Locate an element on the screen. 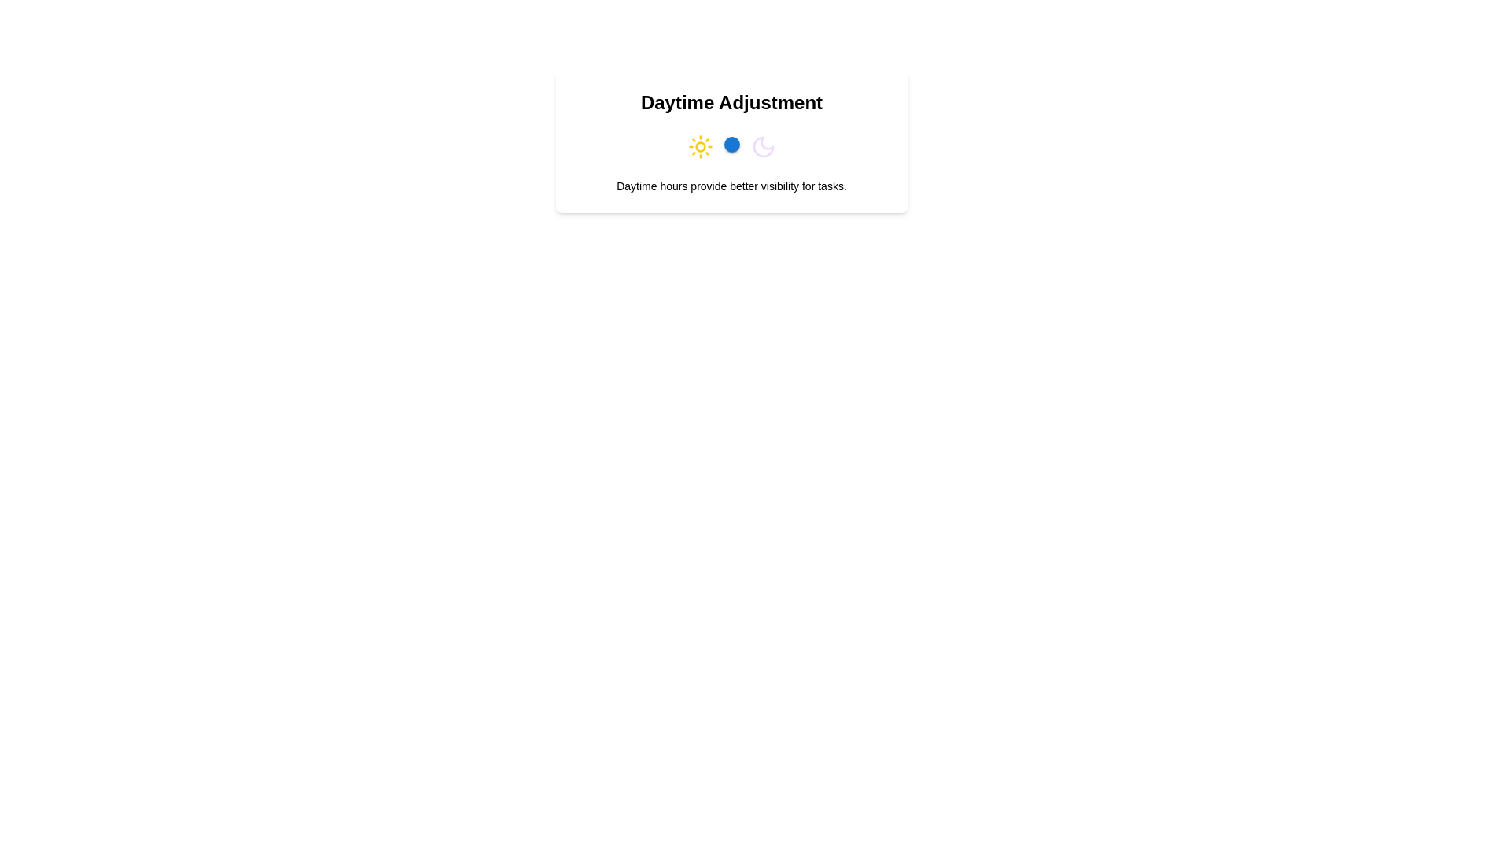 The image size is (1510, 849). the static text label that states 'Daytime hours provide better visibility for tasks,' located beneath the 'Daytime Adjustment' heading and day-night cycle icons is located at coordinates (731, 185).